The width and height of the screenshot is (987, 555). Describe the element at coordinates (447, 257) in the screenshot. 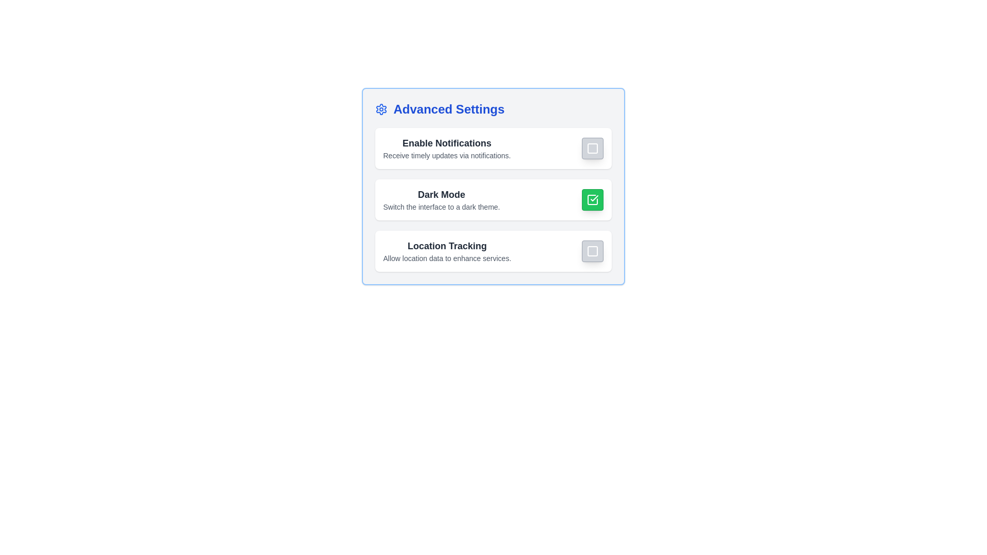

I see `the text message that reads 'Allow location data to enhance services.', which is styled in a smaller gray font and positioned beneath the 'Location Tracking' title` at that location.